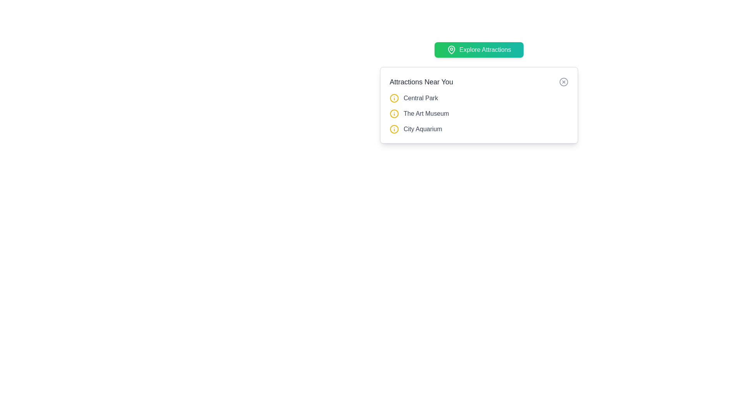 The image size is (743, 418). What do you see at coordinates (564, 82) in the screenshot?
I see `the circular icon button located in the top-right corner of the 'Attractions Near You' section on the white information card` at bounding box center [564, 82].